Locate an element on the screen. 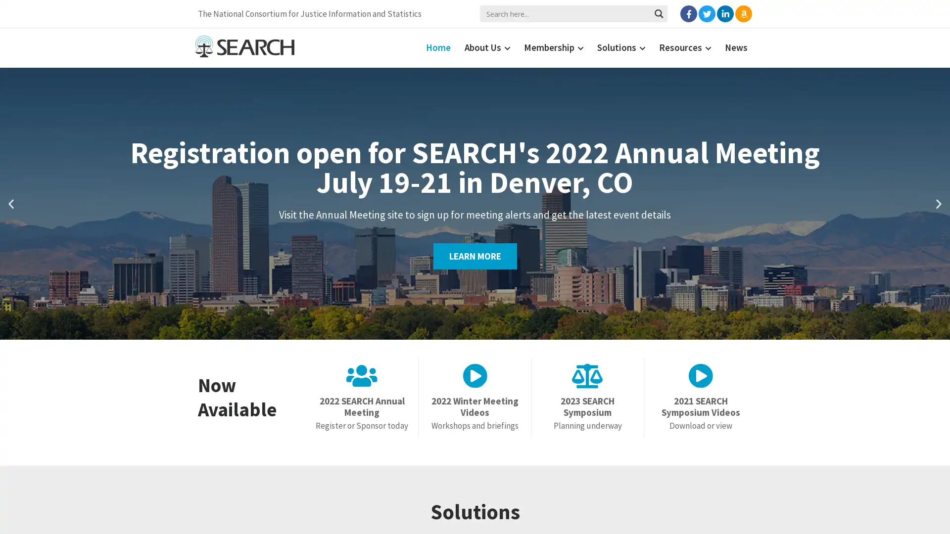  Go to slide 1 is located at coordinates (470, 329).